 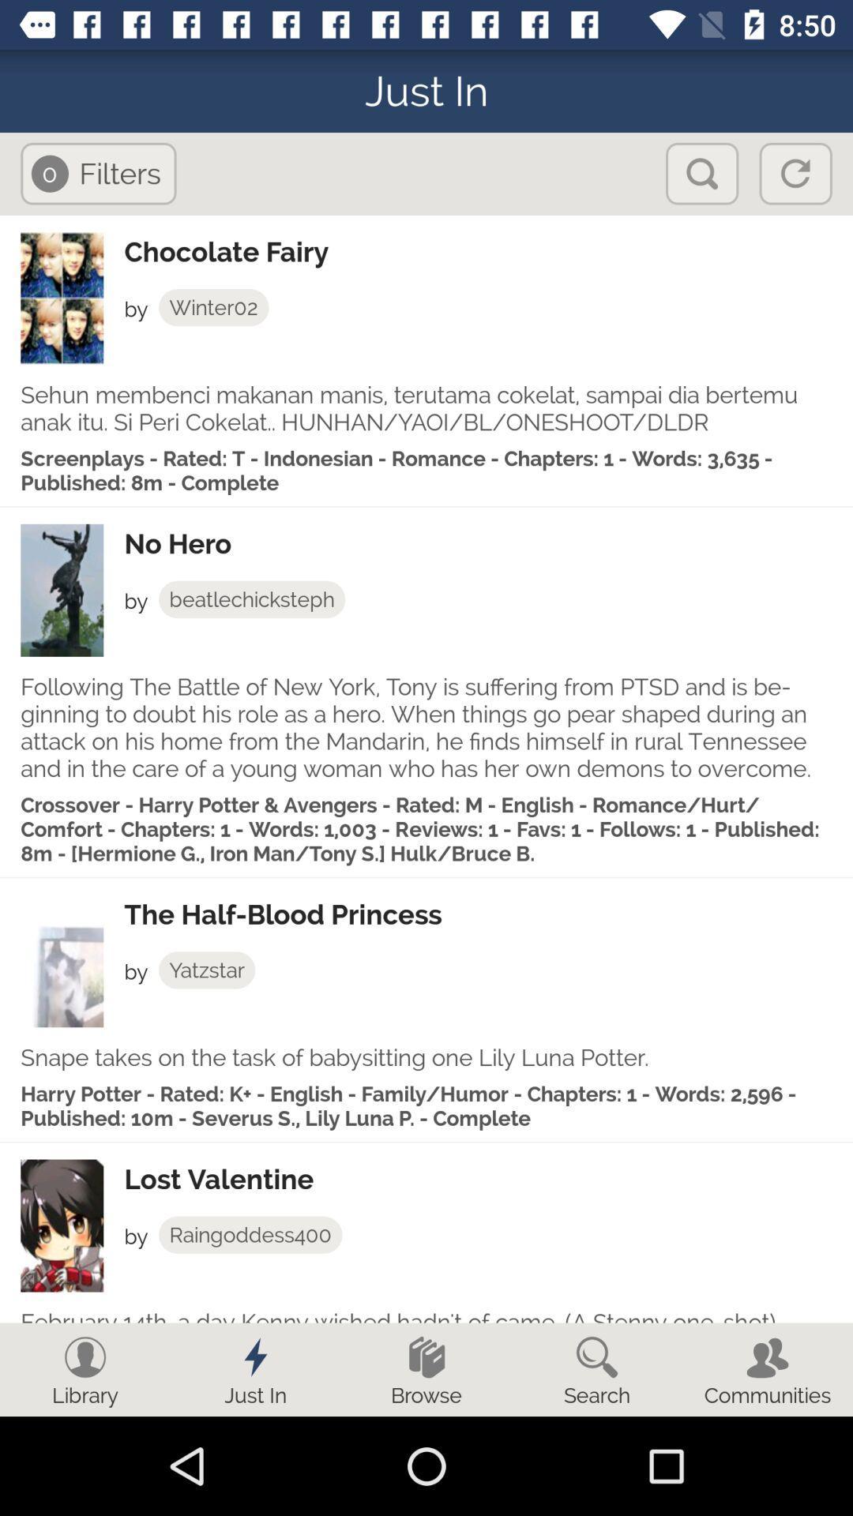 What do you see at coordinates (487, 1179) in the screenshot?
I see `the lost valentine` at bounding box center [487, 1179].